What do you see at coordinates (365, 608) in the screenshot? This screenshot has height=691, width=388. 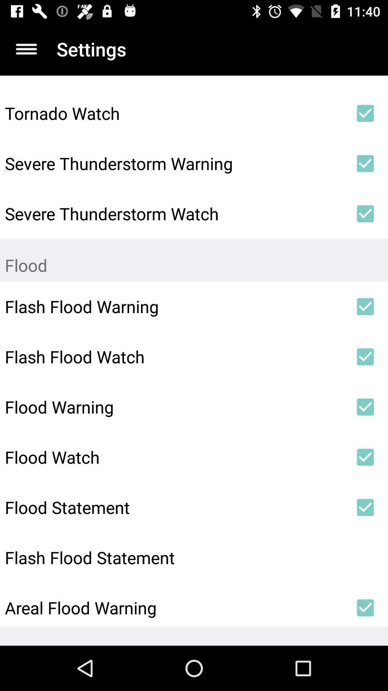 I see `the item next to the areal flood warning` at bounding box center [365, 608].